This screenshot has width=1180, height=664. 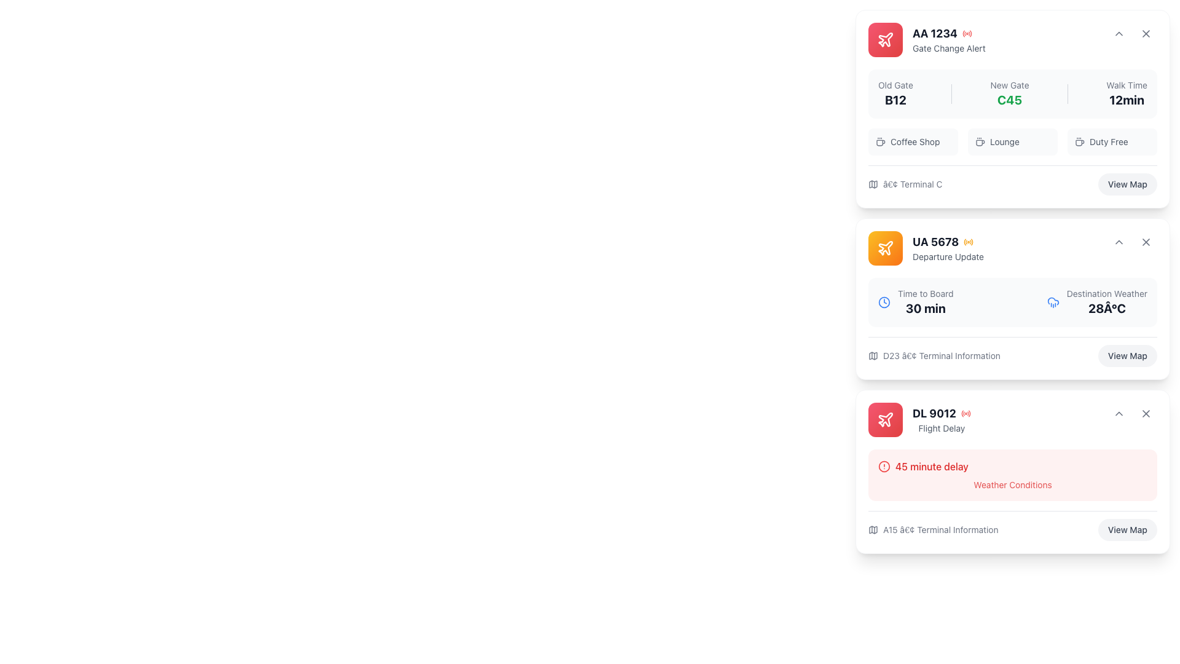 I want to click on the downward-facing chevron icon in the upper right-hand corner of the 'AA 1234 Gate Change Alert' card, so click(x=1119, y=33).